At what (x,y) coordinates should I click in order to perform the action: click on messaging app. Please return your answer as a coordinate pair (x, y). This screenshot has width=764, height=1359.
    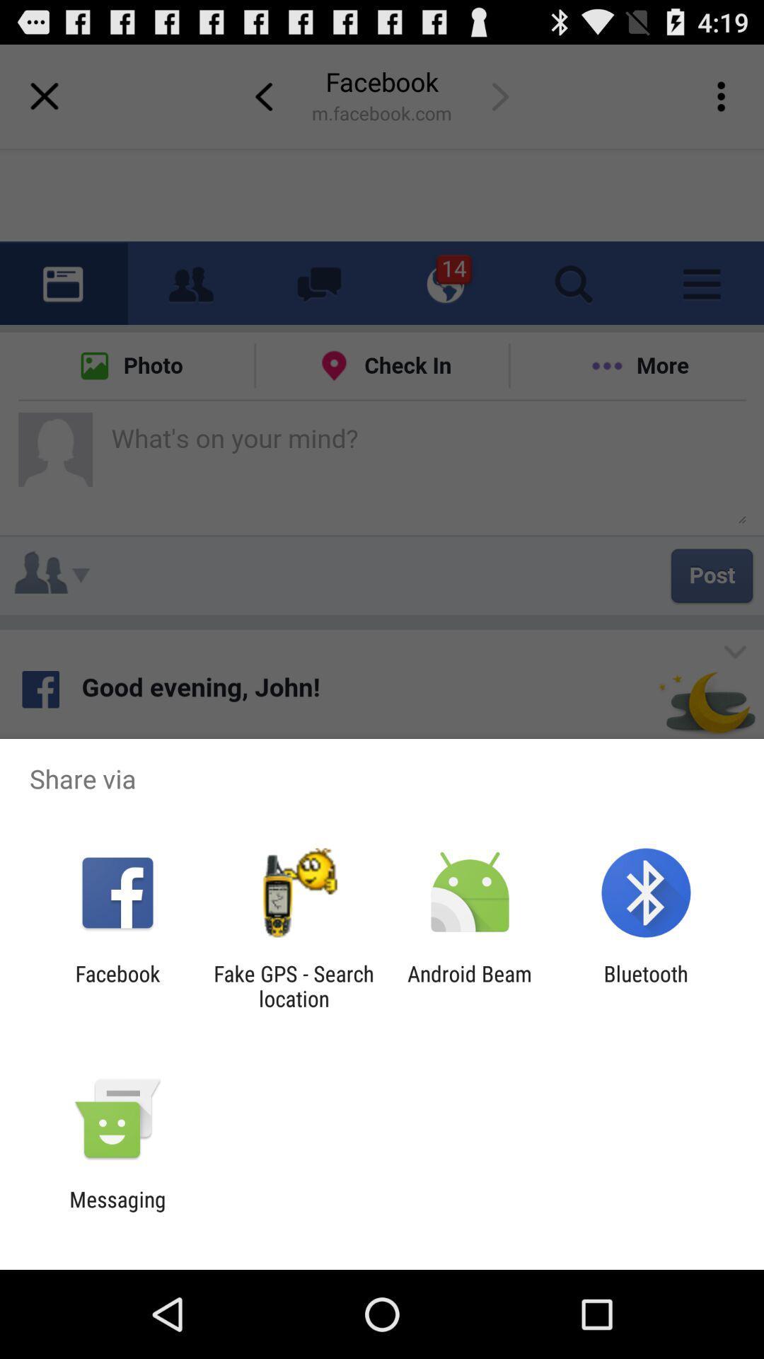
    Looking at the image, I should click on (117, 1211).